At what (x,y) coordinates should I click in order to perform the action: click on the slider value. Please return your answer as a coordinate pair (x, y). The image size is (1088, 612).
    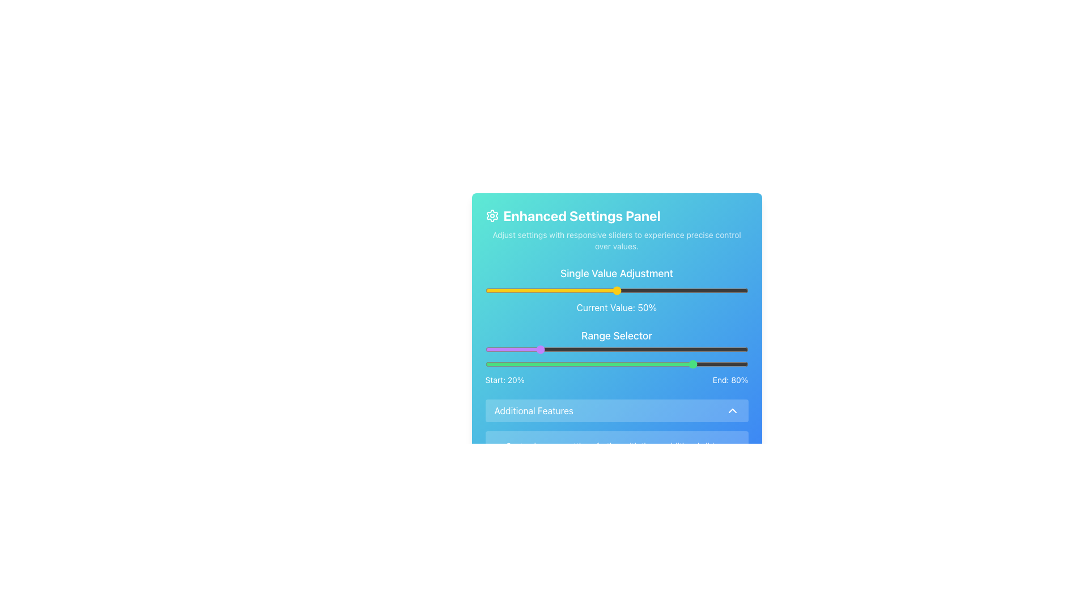
    Looking at the image, I should click on (743, 290).